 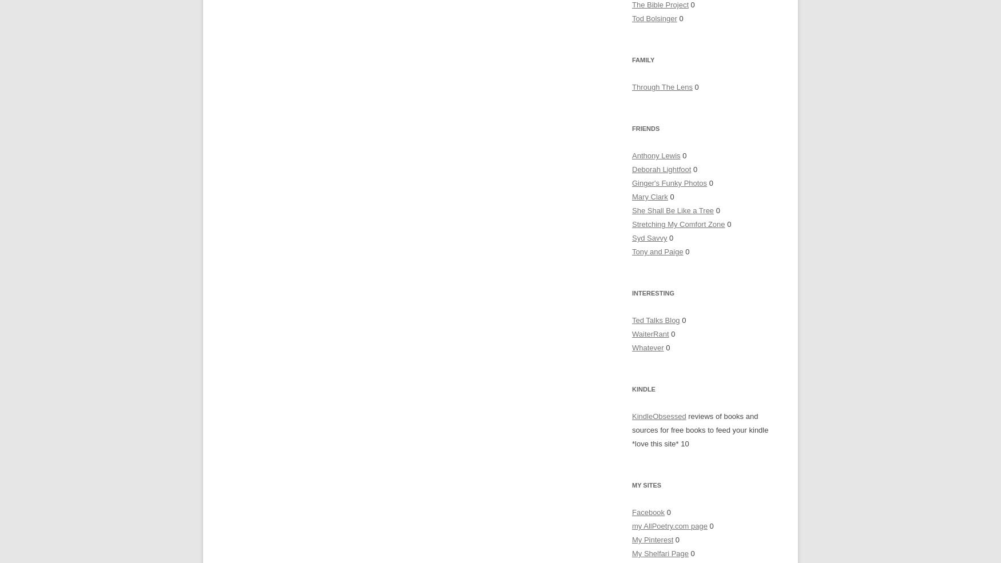 What do you see at coordinates (669, 183) in the screenshot?
I see `'Ginger's Funky Photos'` at bounding box center [669, 183].